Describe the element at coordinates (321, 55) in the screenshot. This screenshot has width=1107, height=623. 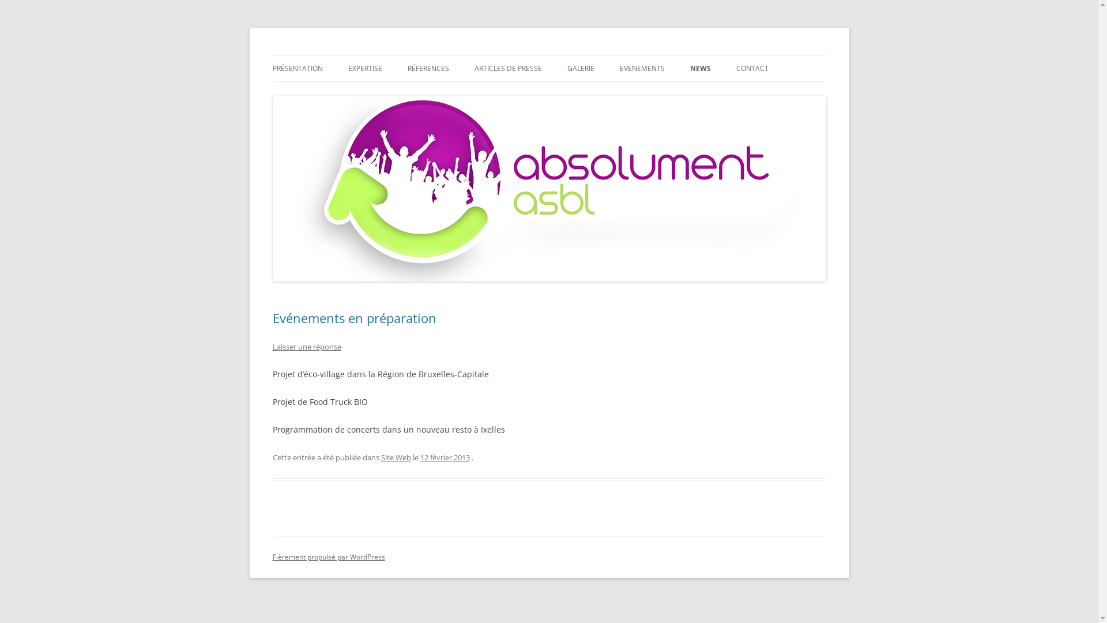
I see `'Absolument !'` at that location.